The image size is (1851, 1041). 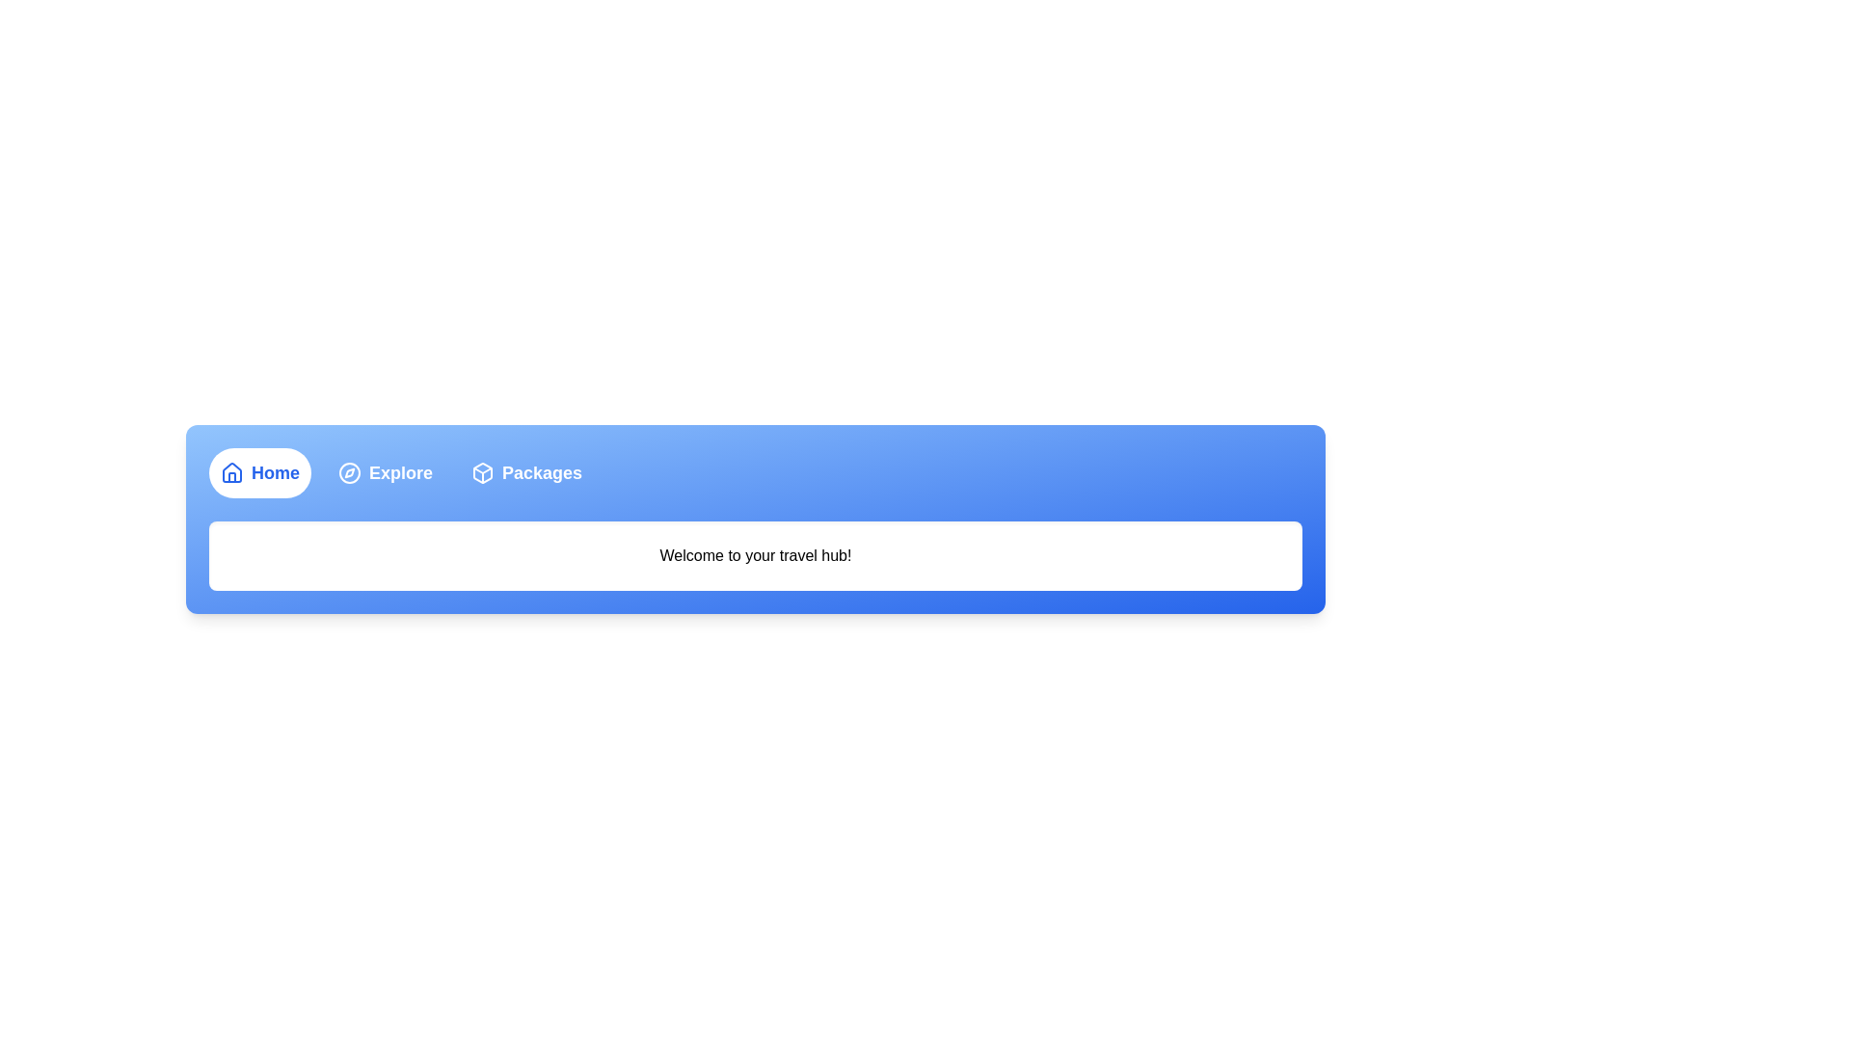 I want to click on the Explore tab by clicking its respective button, so click(x=385, y=472).